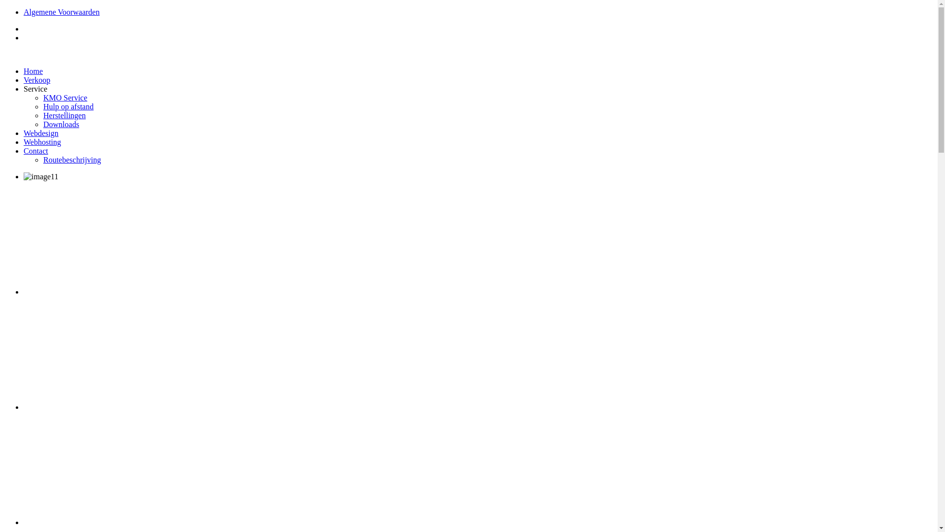 Image resolution: width=945 pixels, height=532 pixels. What do you see at coordinates (68, 106) in the screenshot?
I see `'Hulp op afstand'` at bounding box center [68, 106].